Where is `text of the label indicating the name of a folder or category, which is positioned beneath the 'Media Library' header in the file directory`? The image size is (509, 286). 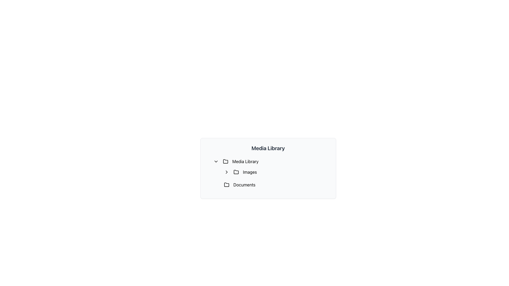 text of the label indicating the name of a folder or category, which is positioned beneath the 'Media Library' header in the file directory is located at coordinates (245, 161).